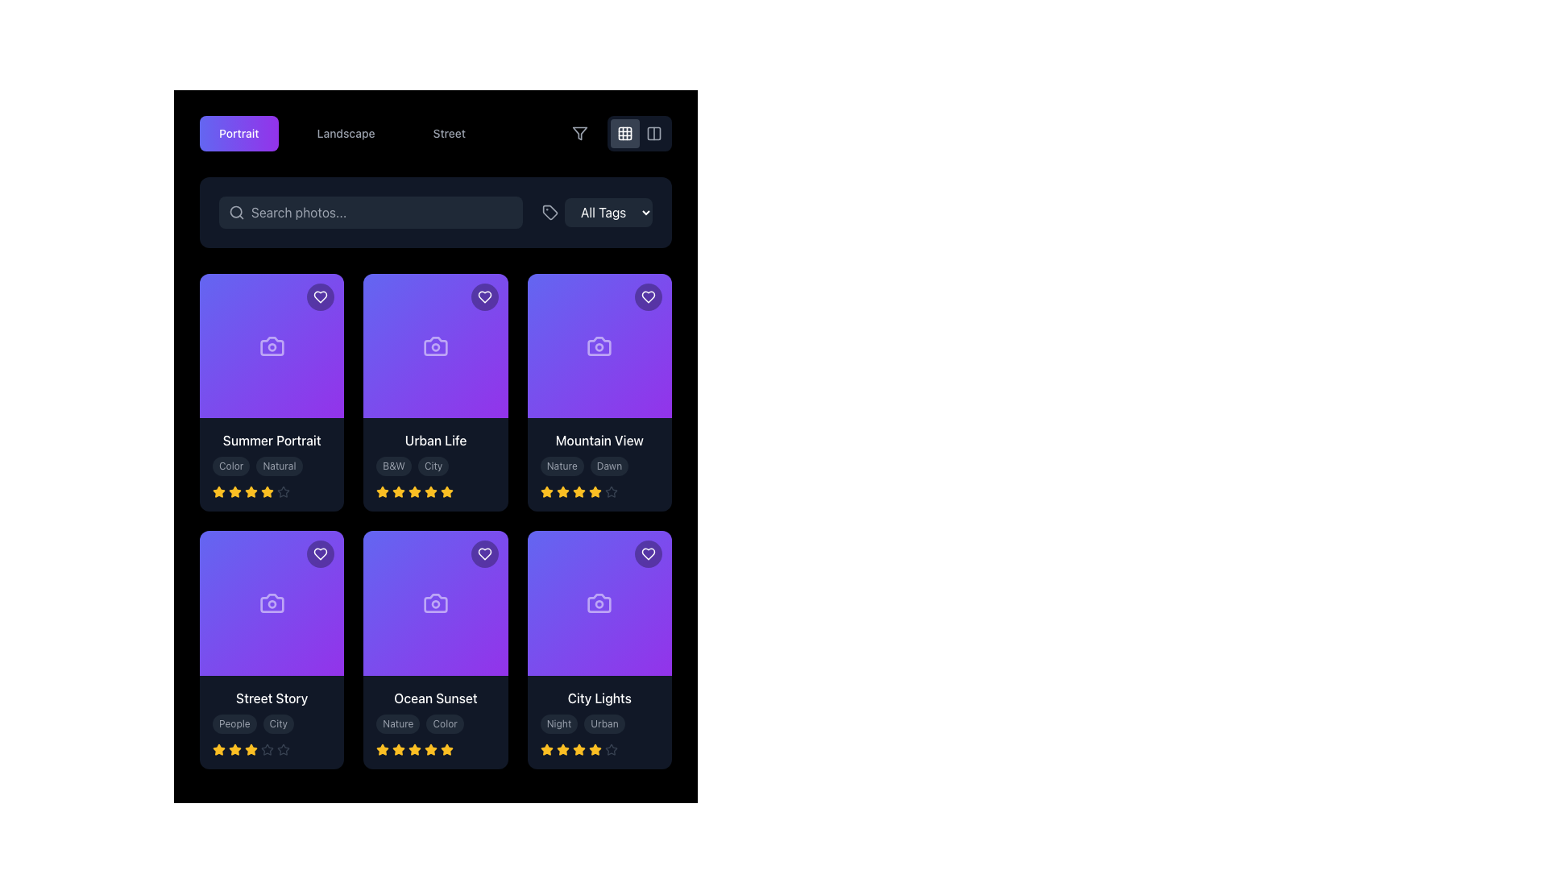  What do you see at coordinates (599, 603) in the screenshot?
I see `the camera icon located in the rightmost card labeled 'City Lights' in the bottom row of the grid layout` at bounding box center [599, 603].